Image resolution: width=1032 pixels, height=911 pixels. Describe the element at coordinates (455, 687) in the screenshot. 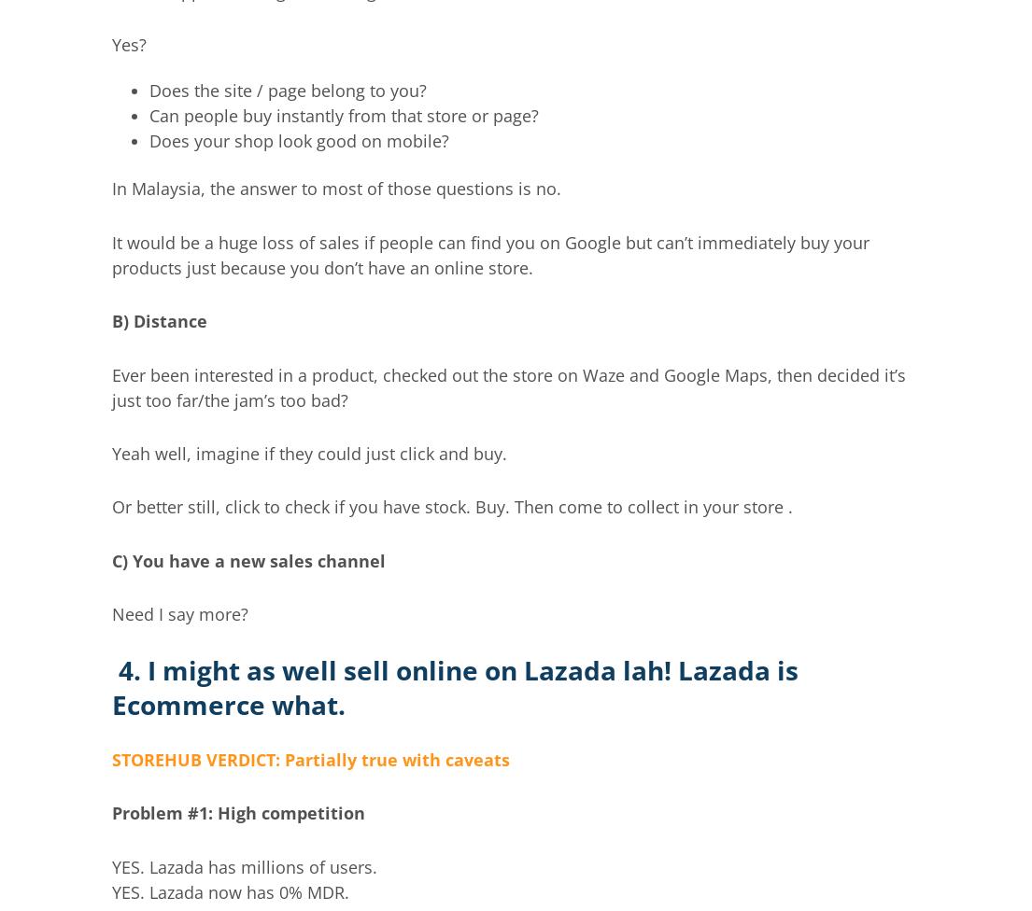

I see `'4. I might as well sell online on Lazada lah! Lazada is Ecommerce what.'` at that location.